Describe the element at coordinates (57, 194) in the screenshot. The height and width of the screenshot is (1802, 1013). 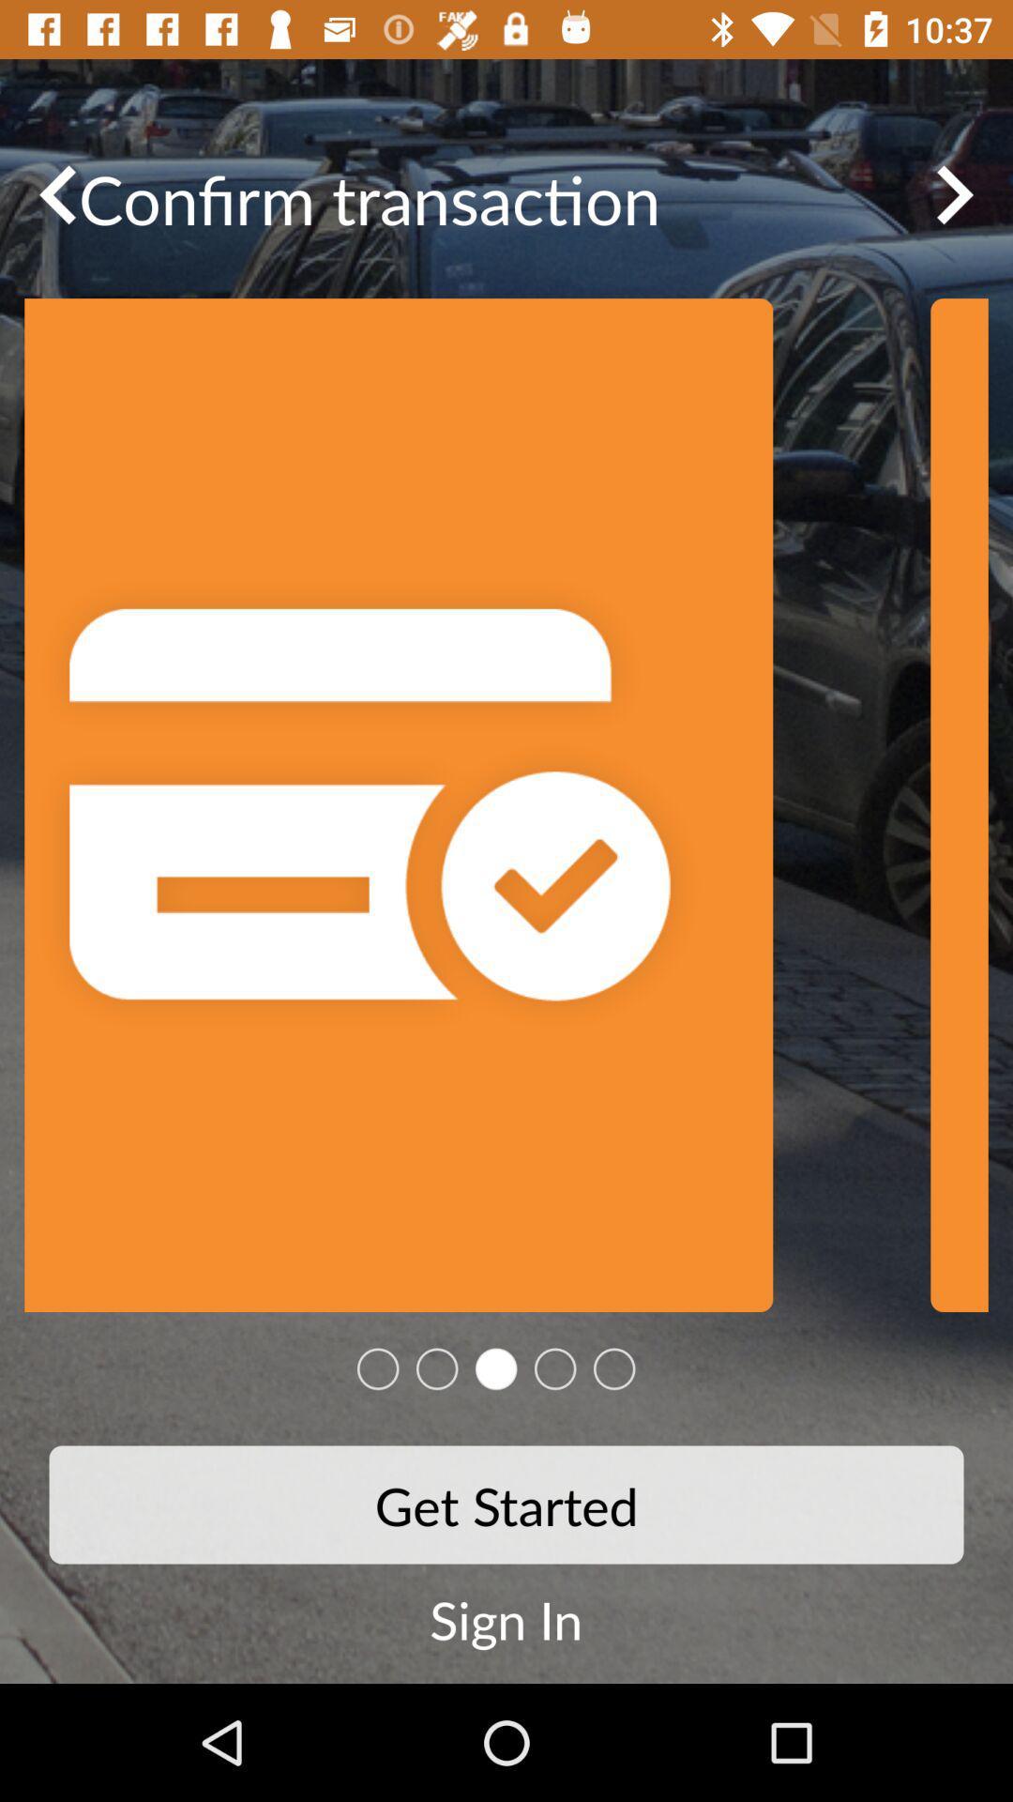
I see `the arrow_backward icon` at that location.